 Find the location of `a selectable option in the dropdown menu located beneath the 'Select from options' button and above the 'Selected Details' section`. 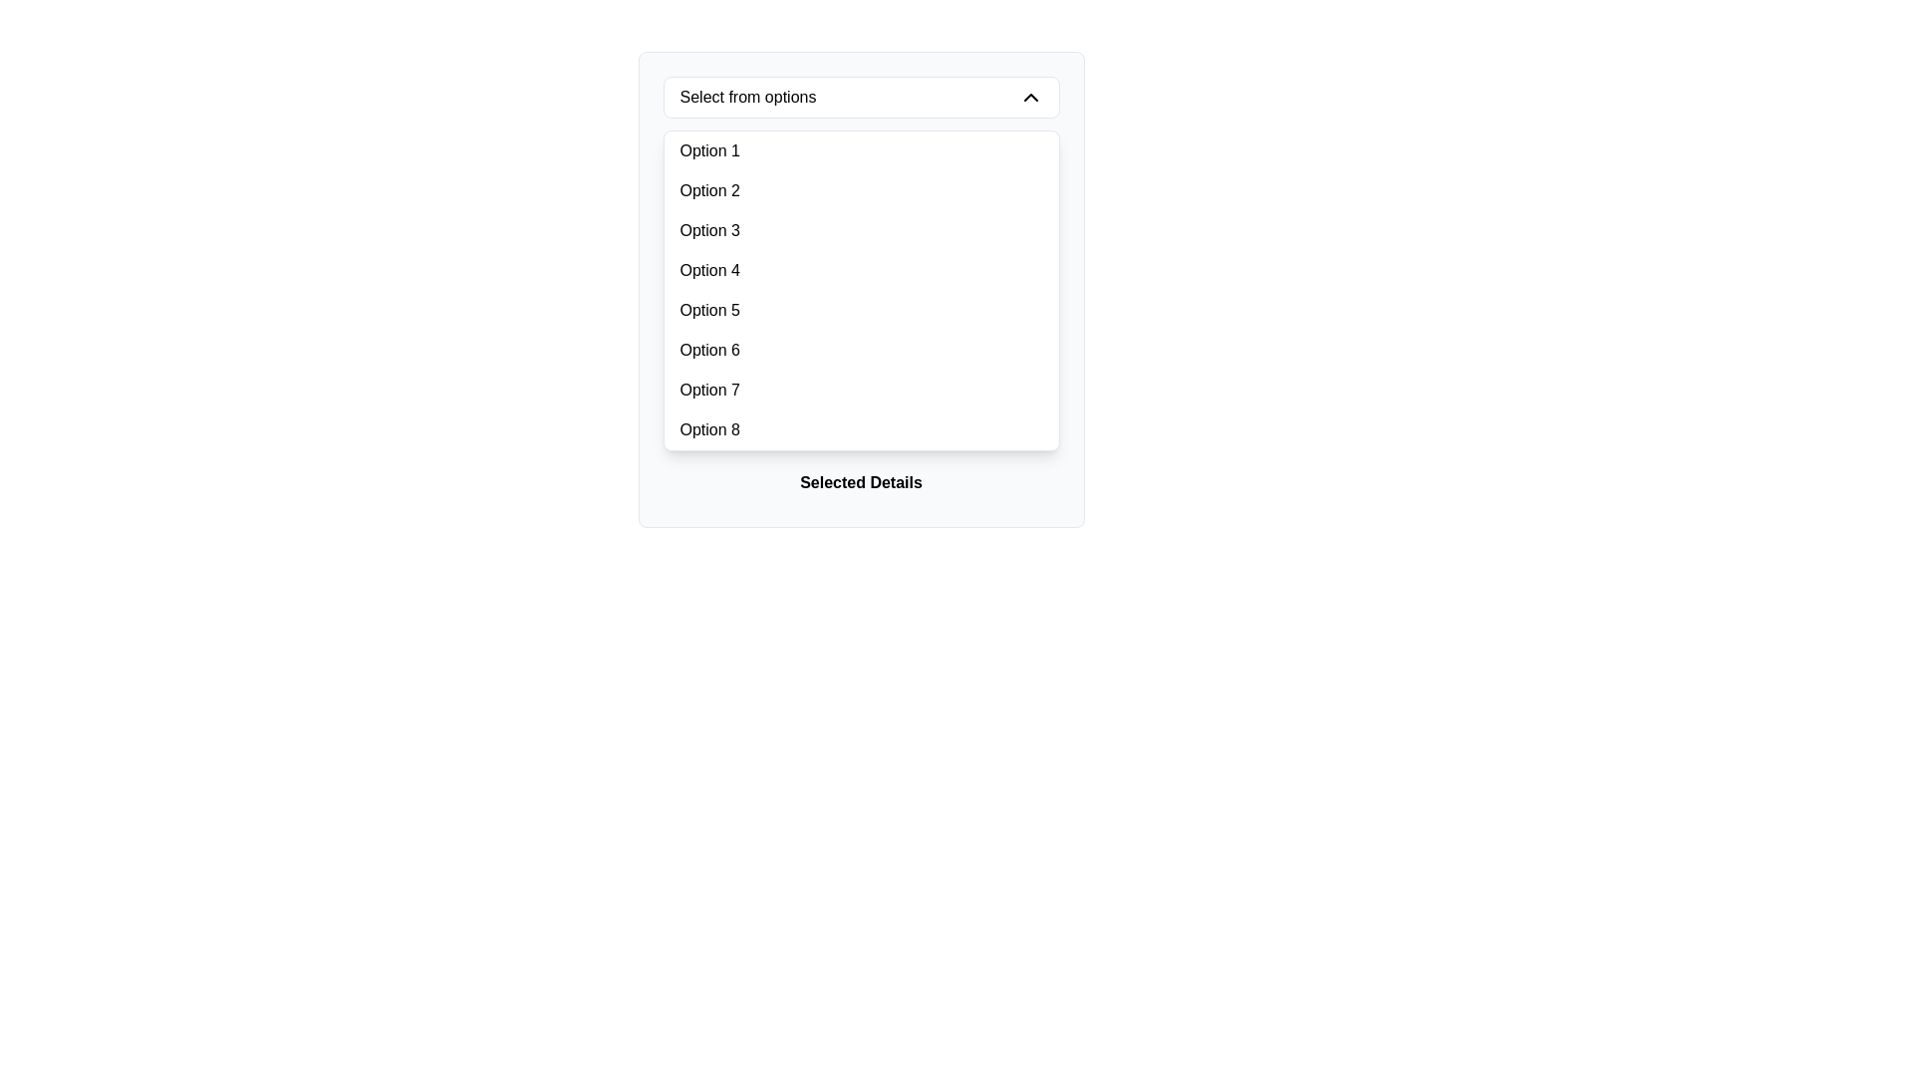

a selectable option in the dropdown menu located beneath the 'Select from options' button and above the 'Selected Details' section is located at coordinates (861, 291).